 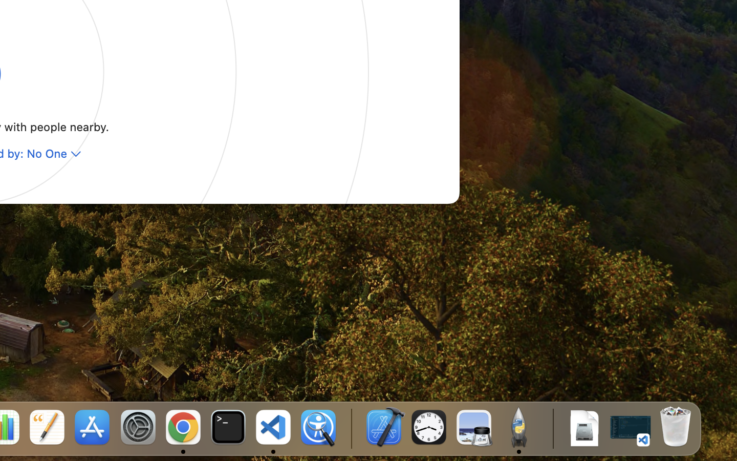 What do you see at coordinates (351, 428) in the screenshot?
I see `'0.4285714328289032'` at bounding box center [351, 428].